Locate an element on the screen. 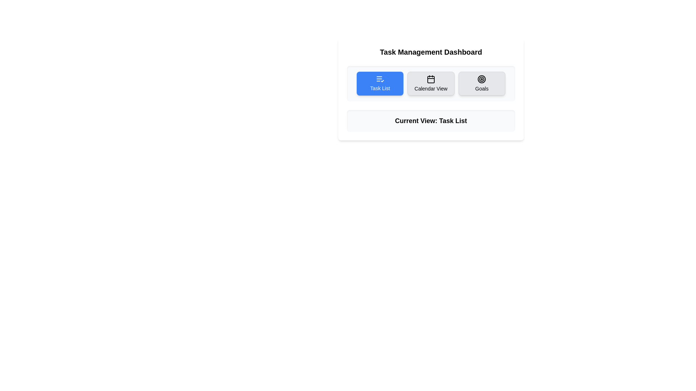  the calendar icon component, which is a square with rounded corners located centrally within the calendar view interface is located at coordinates (431, 79).